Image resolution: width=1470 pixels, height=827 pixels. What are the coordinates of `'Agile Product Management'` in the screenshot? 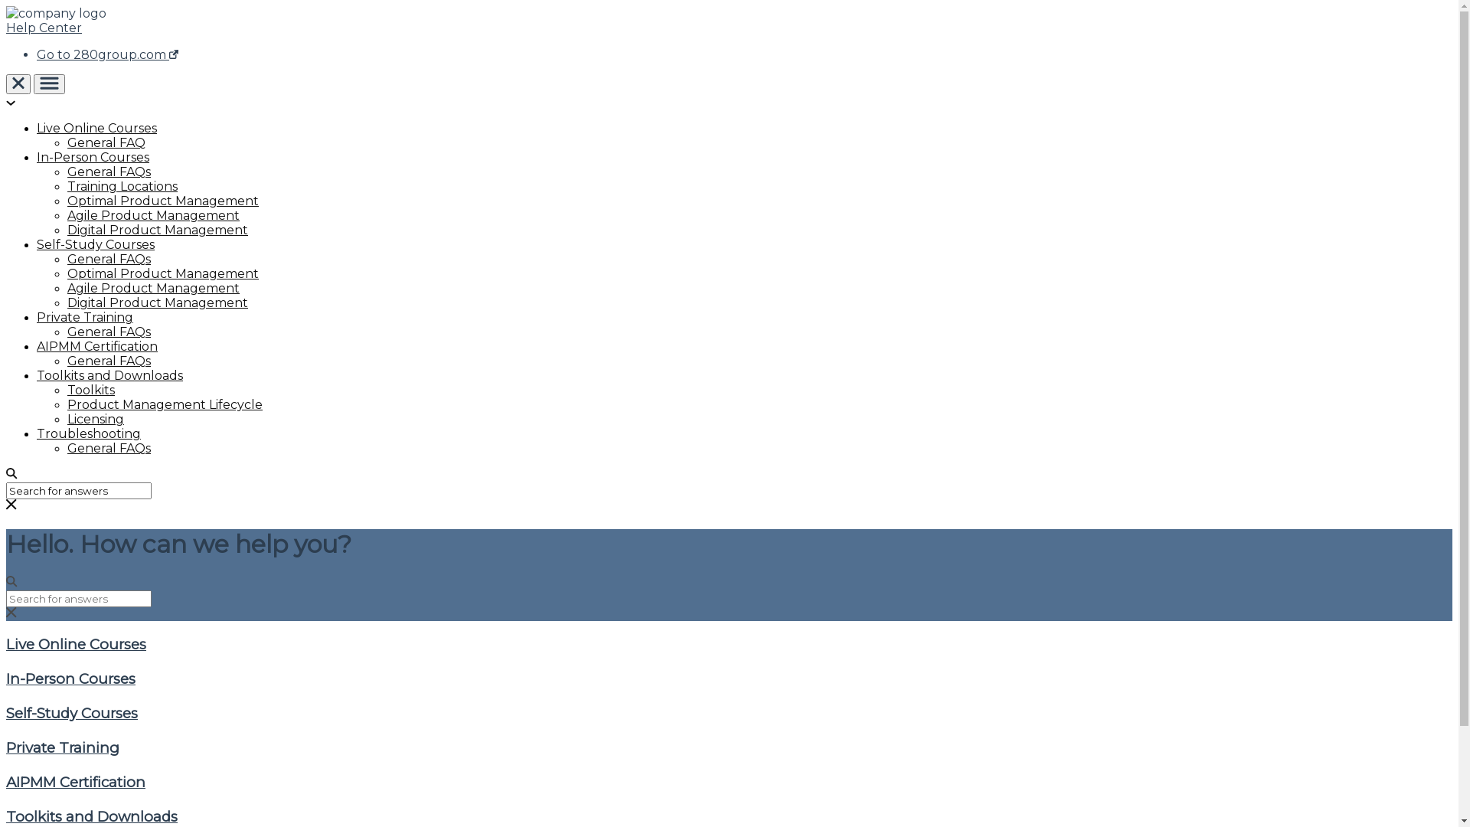 It's located at (153, 215).